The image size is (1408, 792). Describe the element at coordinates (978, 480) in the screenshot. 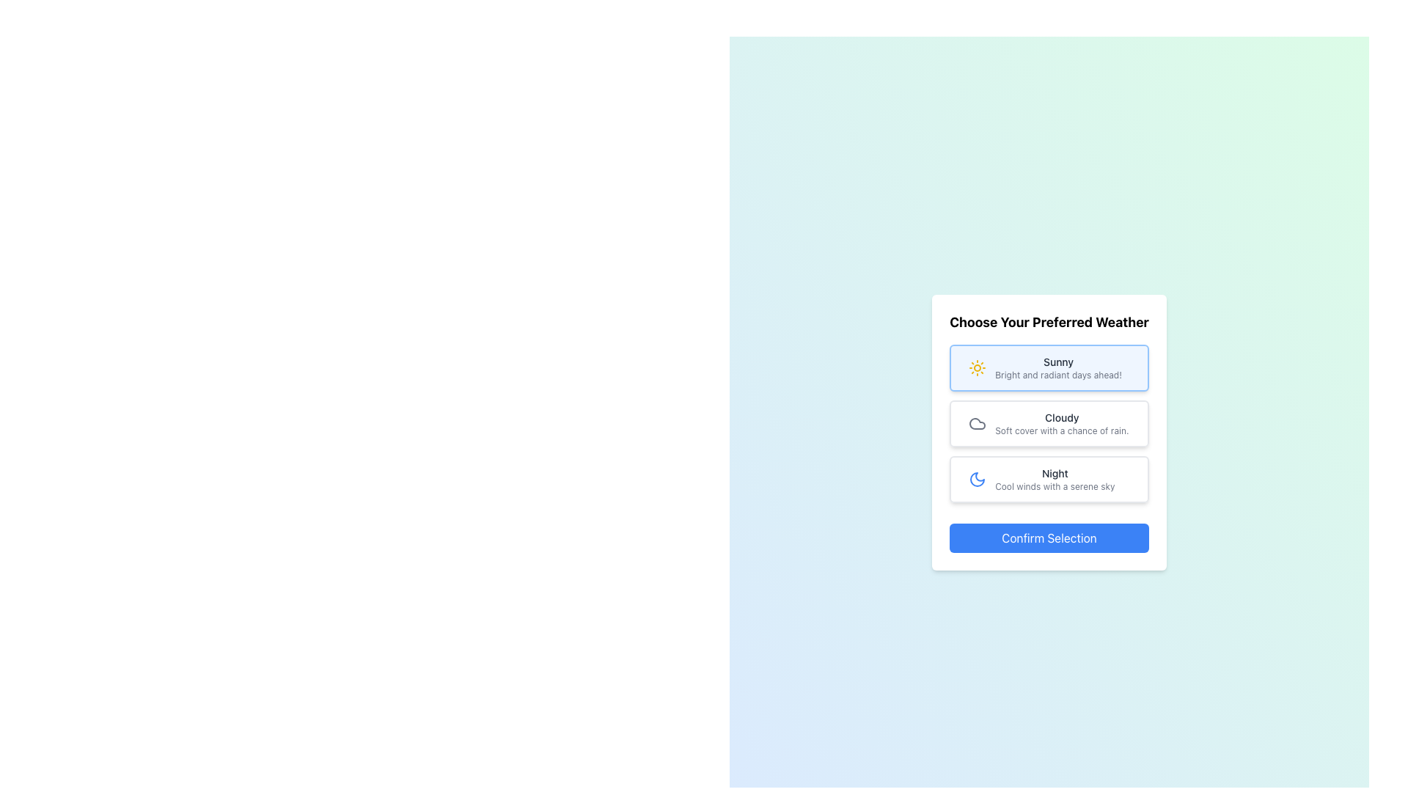

I see `the crescent moon icon that signifies the 'Night' weather condition` at that location.